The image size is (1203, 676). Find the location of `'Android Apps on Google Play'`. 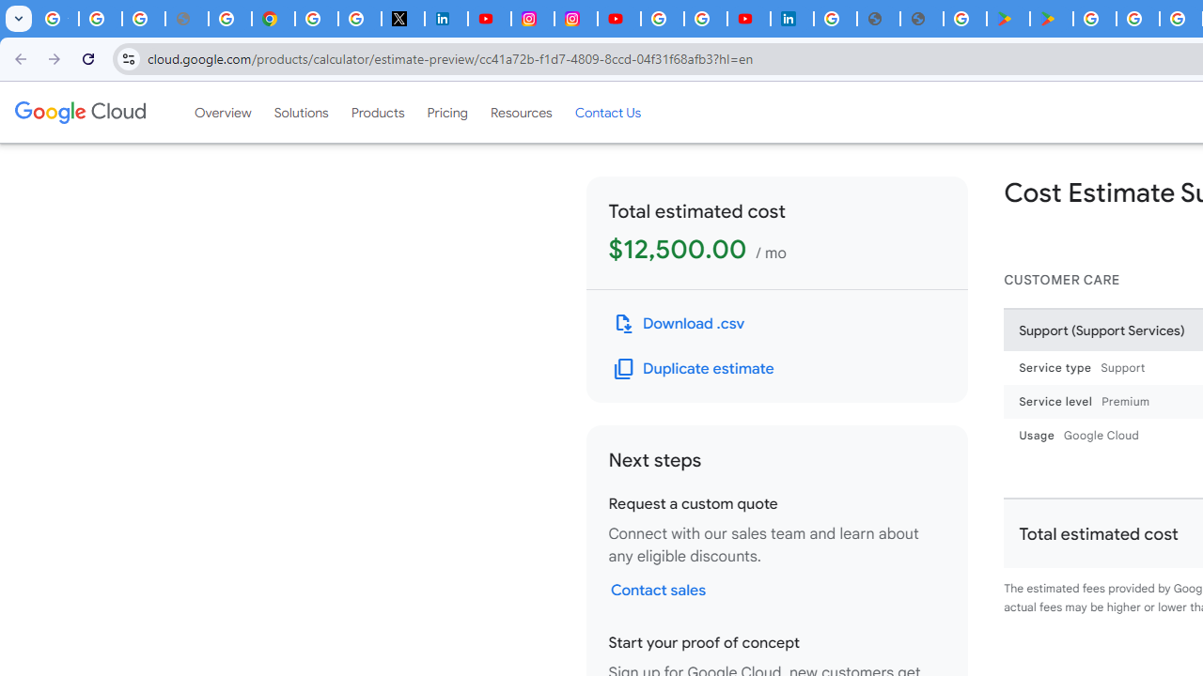

'Android Apps on Google Play' is located at coordinates (1007, 19).